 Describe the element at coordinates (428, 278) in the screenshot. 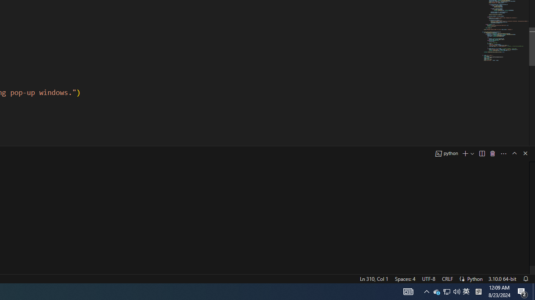

I see `'UTF-8'` at that location.